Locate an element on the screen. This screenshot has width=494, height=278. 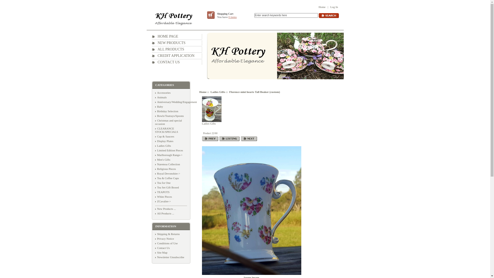
'Ladies Gifts' is located at coordinates (218, 92).